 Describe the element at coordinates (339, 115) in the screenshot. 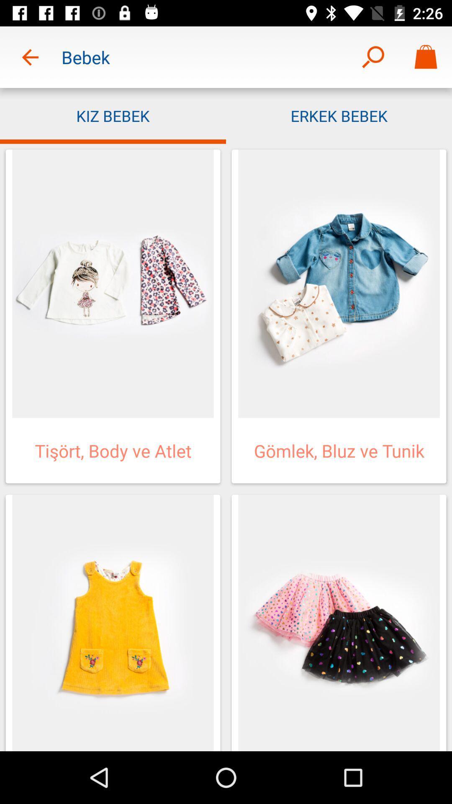

I see `the erkek bebek icon` at that location.